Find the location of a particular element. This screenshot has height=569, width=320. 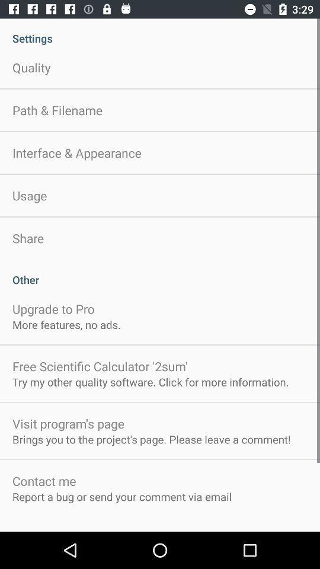

app below upgrade to pro icon is located at coordinates (66, 324).